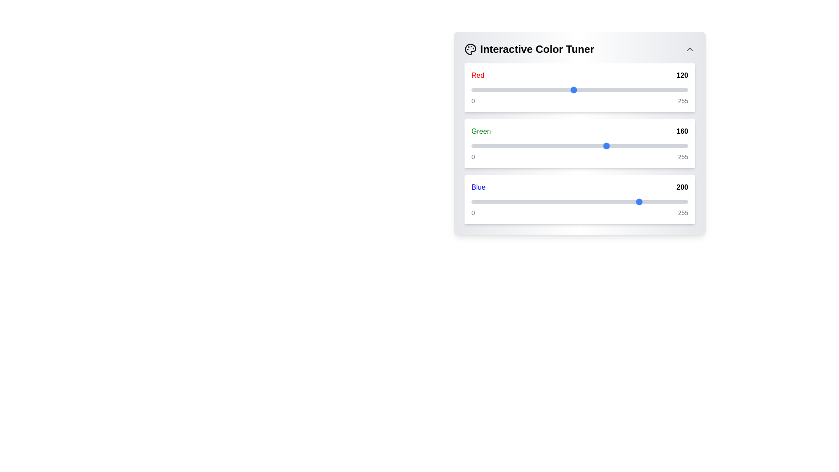 The width and height of the screenshot is (839, 472). Describe the element at coordinates (470, 49) in the screenshot. I see `the SVG graphic resembling a palette icon located on the left side of the header section labeled 'Interactive Color Tuner'` at that location.